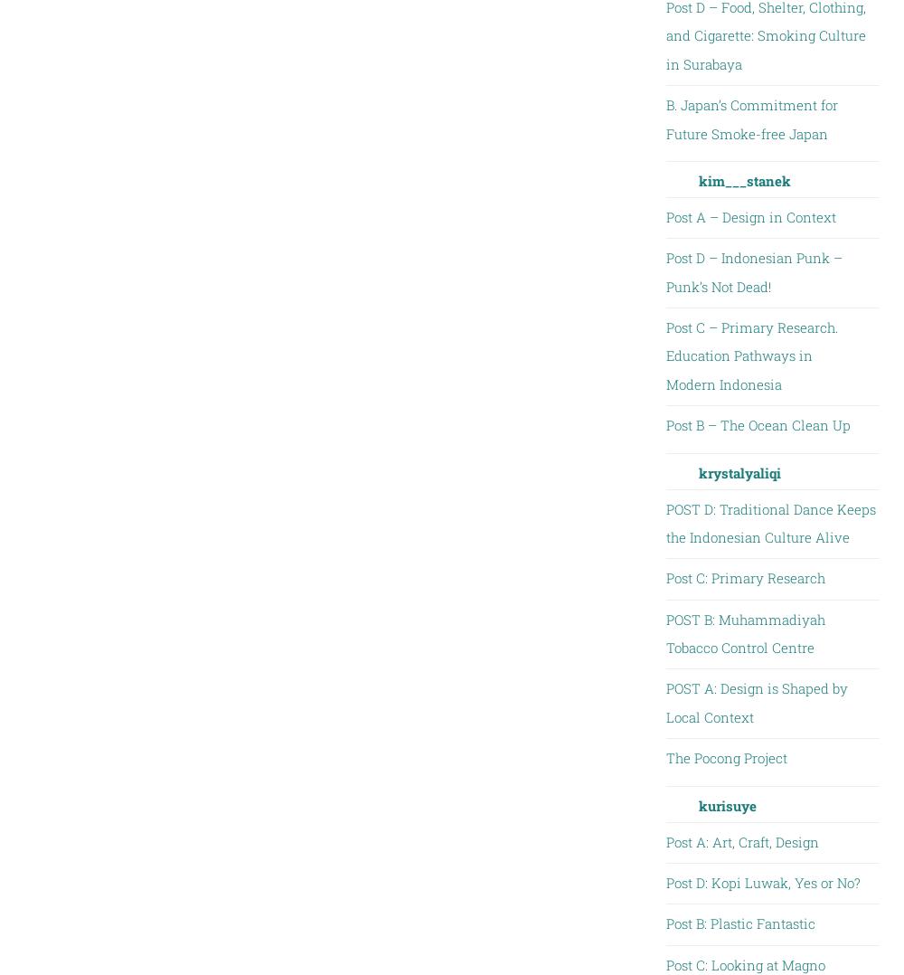 This screenshot has width=904, height=975. I want to click on 'Post D  – Indonesian Punk – Punk’s Not Dead!', so click(752, 271).